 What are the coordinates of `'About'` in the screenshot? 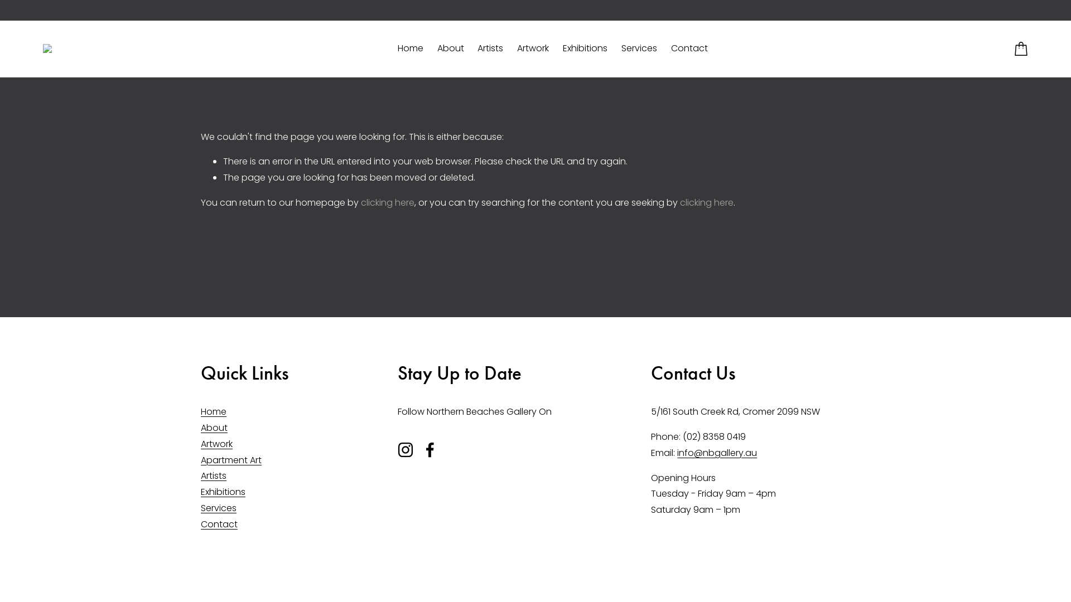 It's located at (214, 428).